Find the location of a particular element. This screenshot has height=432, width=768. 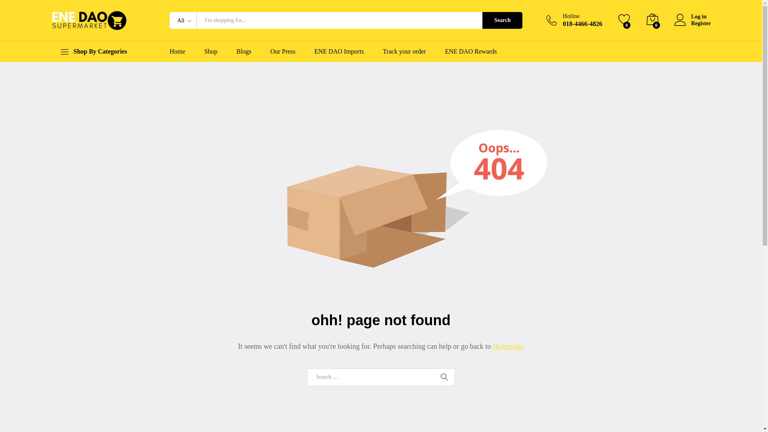

'ENE DAO Imports' is located at coordinates (339, 51).